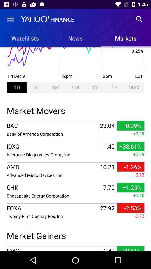 Image resolution: width=151 pixels, height=269 pixels. What do you see at coordinates (75, 121) in the screenshot?
I see `item above the +0.09` at bounding box center [75, 121].